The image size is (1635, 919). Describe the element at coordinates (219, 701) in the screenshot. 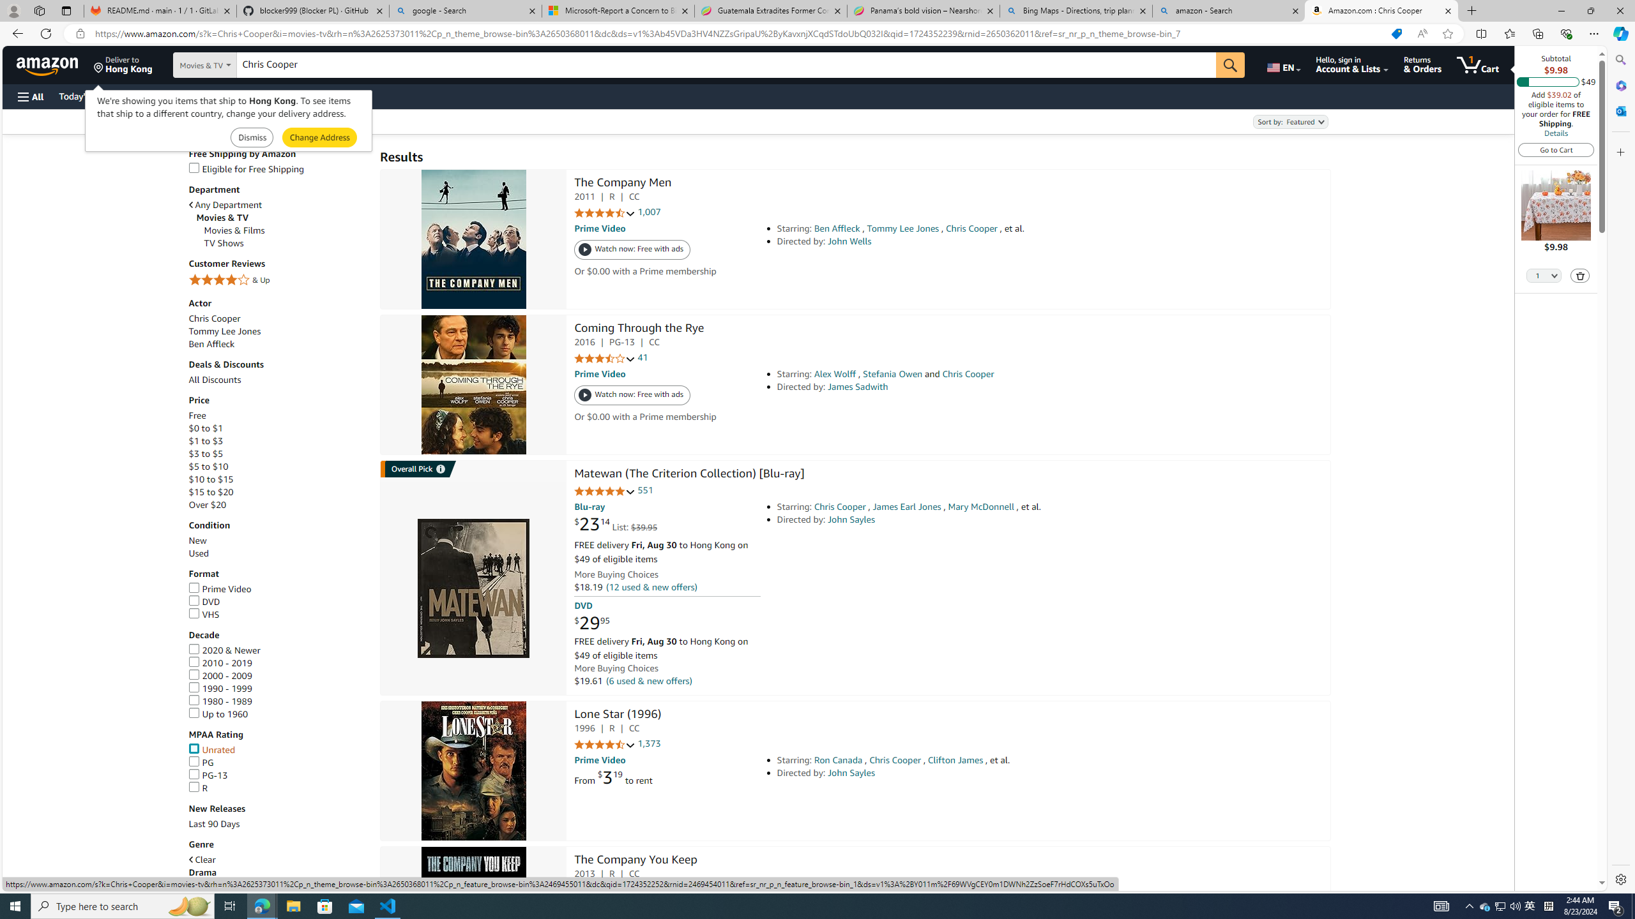

I see `'1980 - 1989'` at that location.